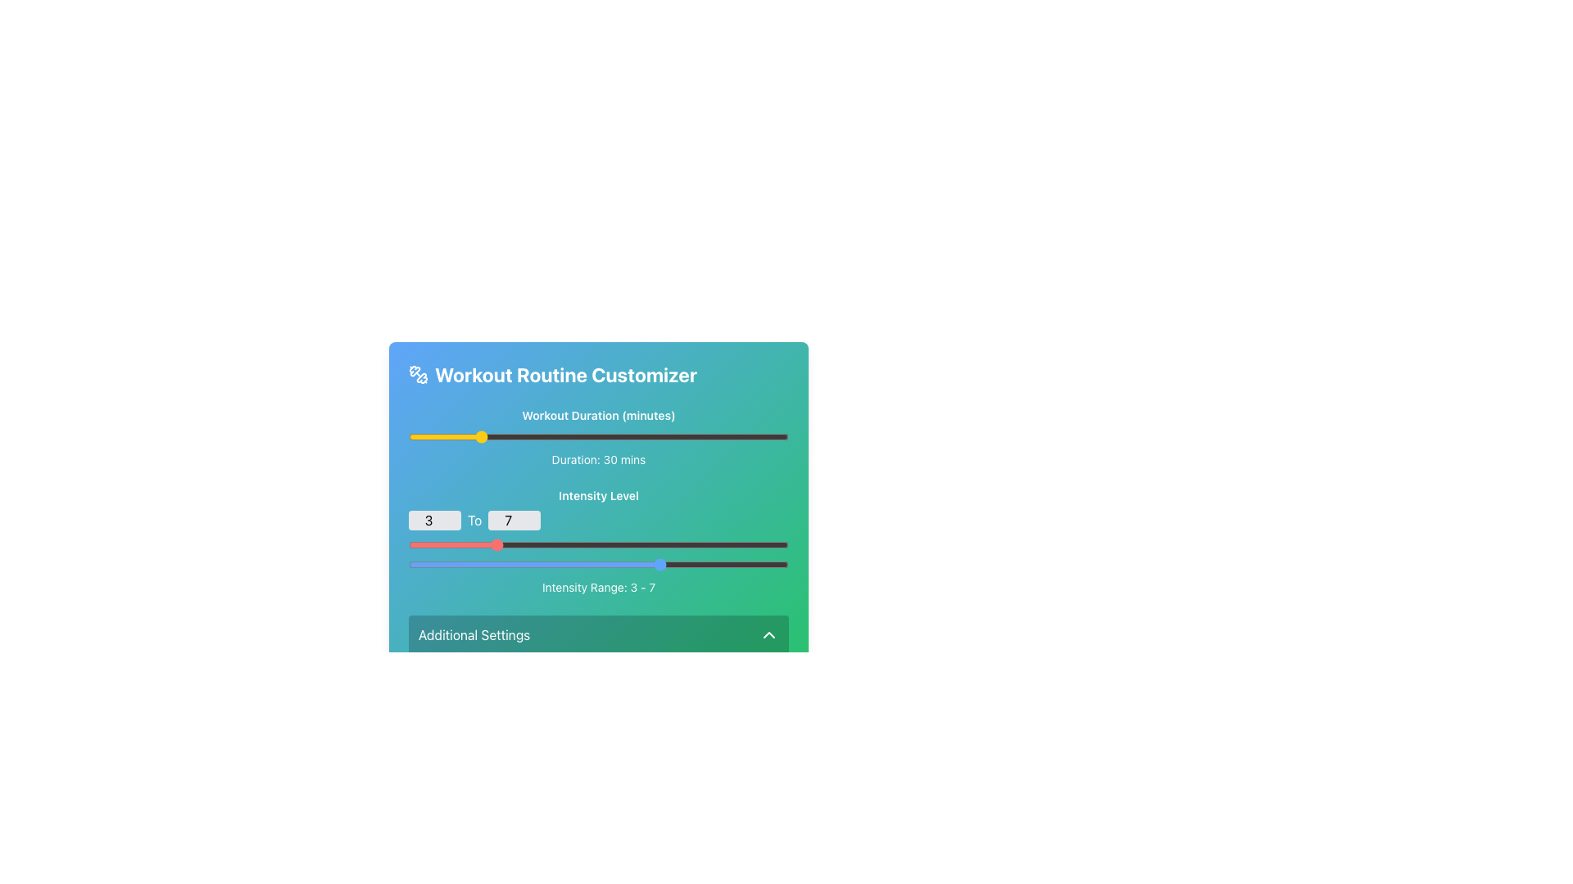  I want to click on the intensity range label located at the bottom of the panel under the 'Intensity Level' section, which indicates selected intensity values, so click(597, 586).